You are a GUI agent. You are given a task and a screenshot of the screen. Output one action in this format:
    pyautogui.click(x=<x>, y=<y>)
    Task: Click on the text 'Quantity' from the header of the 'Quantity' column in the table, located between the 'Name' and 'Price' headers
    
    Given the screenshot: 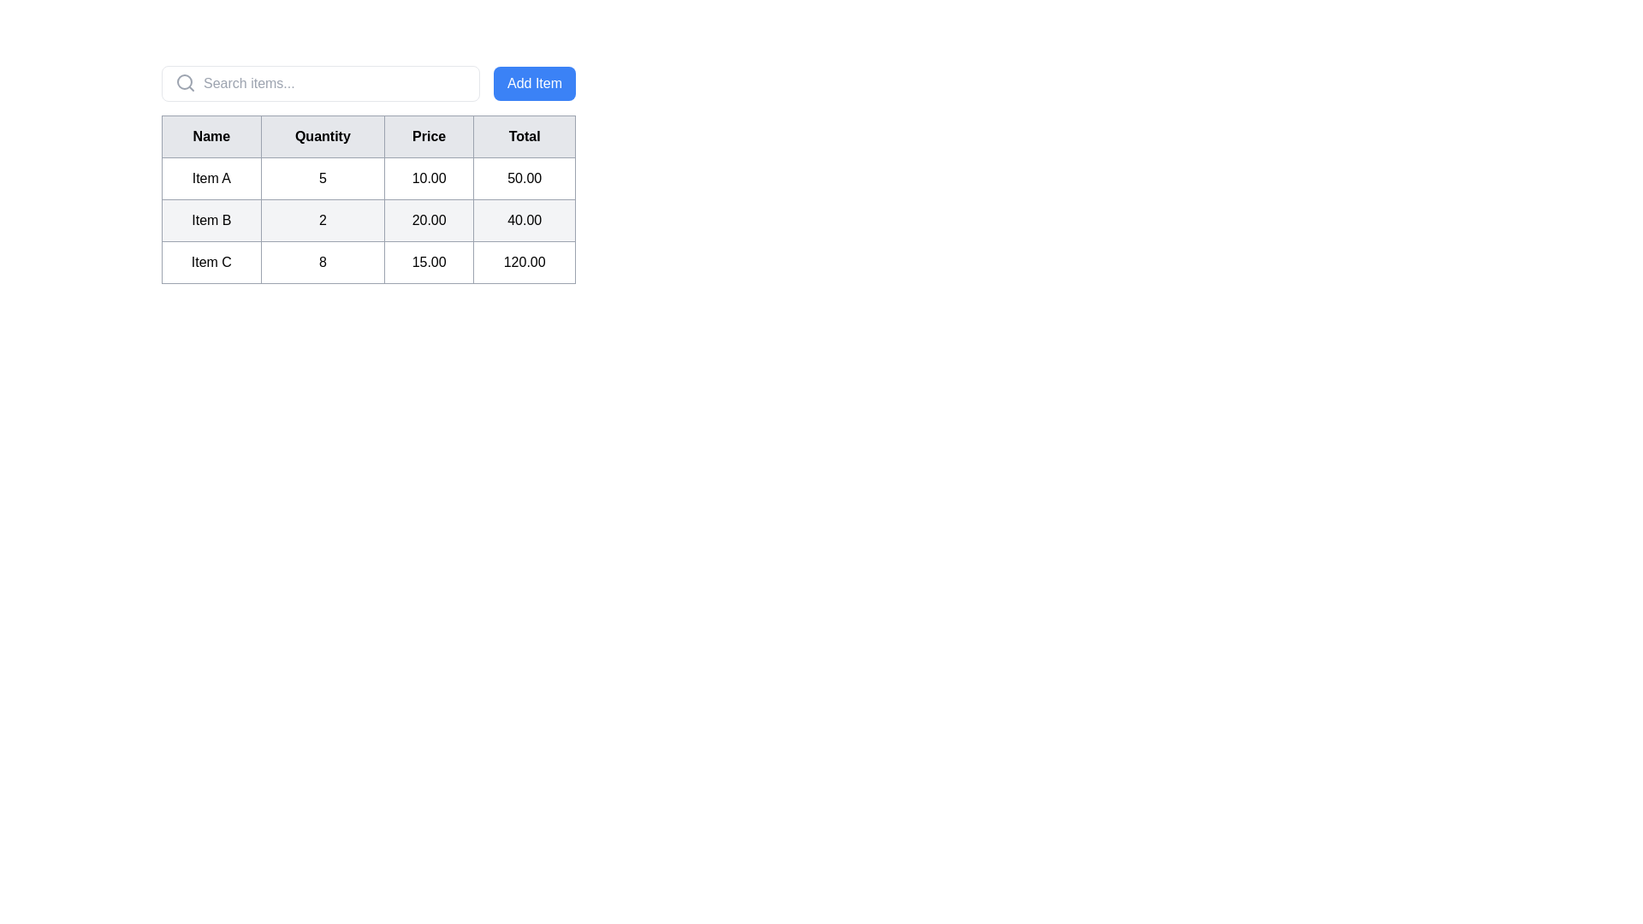 What is the action you would take?
    pyautogui.click(x=323, y=135)
    